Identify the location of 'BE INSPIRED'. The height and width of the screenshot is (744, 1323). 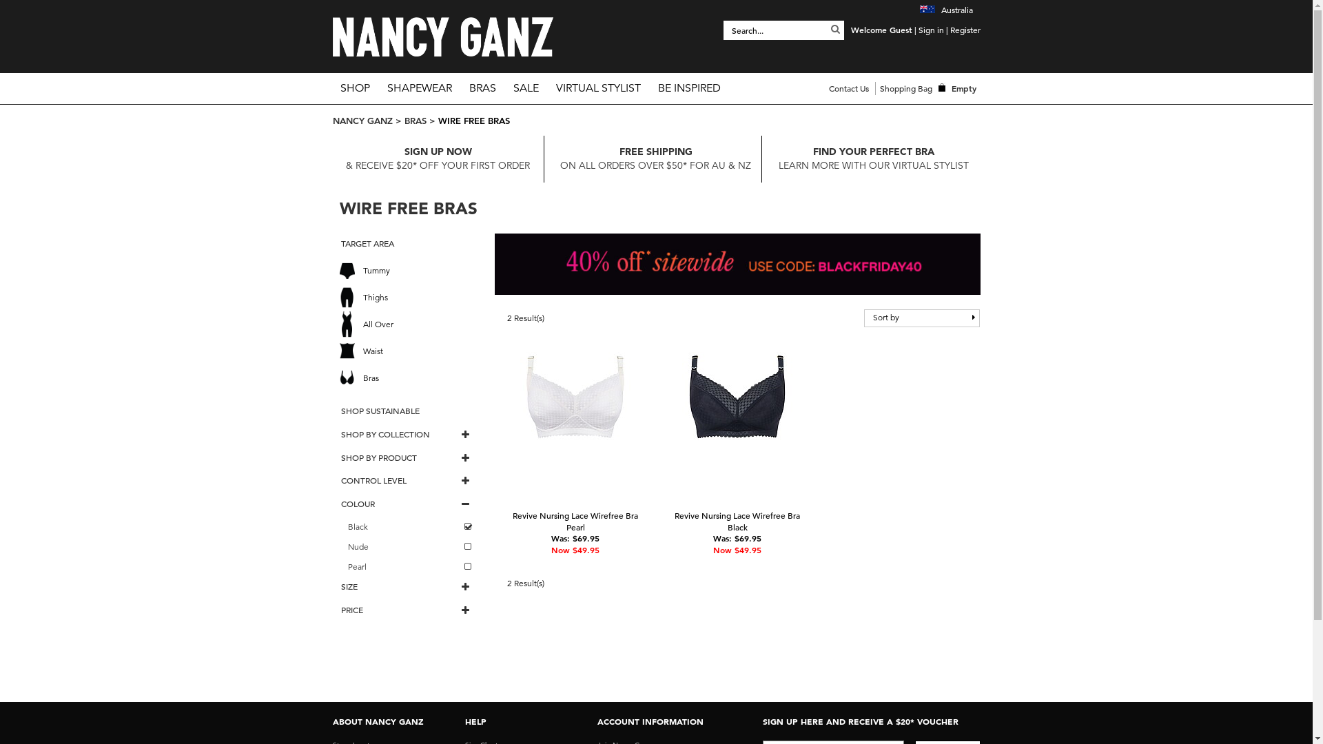
(689, 87).